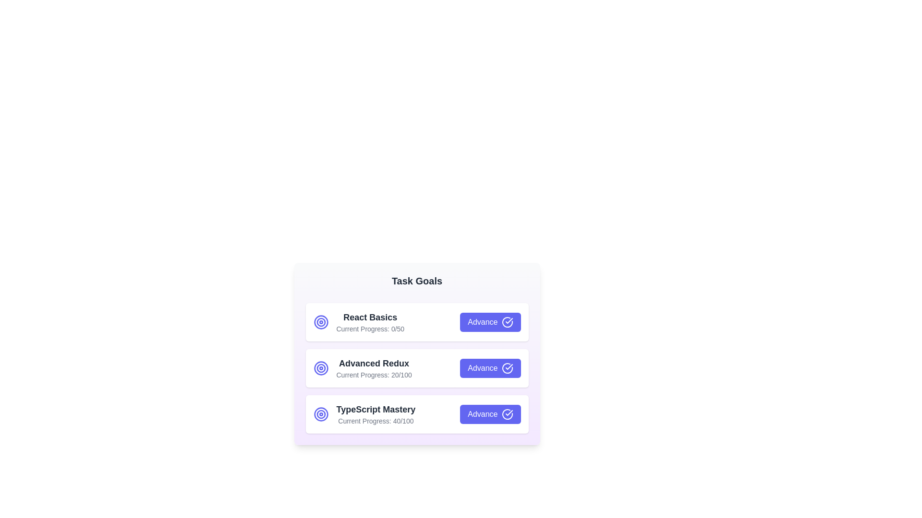 The height and width of the screenshot is (518, 922). I want to click on the button that allows users to proceed in the 'React Basics' course, located in the 'Task Goals' section at the top of the card labeled 'React Basics', so click(490, 322).